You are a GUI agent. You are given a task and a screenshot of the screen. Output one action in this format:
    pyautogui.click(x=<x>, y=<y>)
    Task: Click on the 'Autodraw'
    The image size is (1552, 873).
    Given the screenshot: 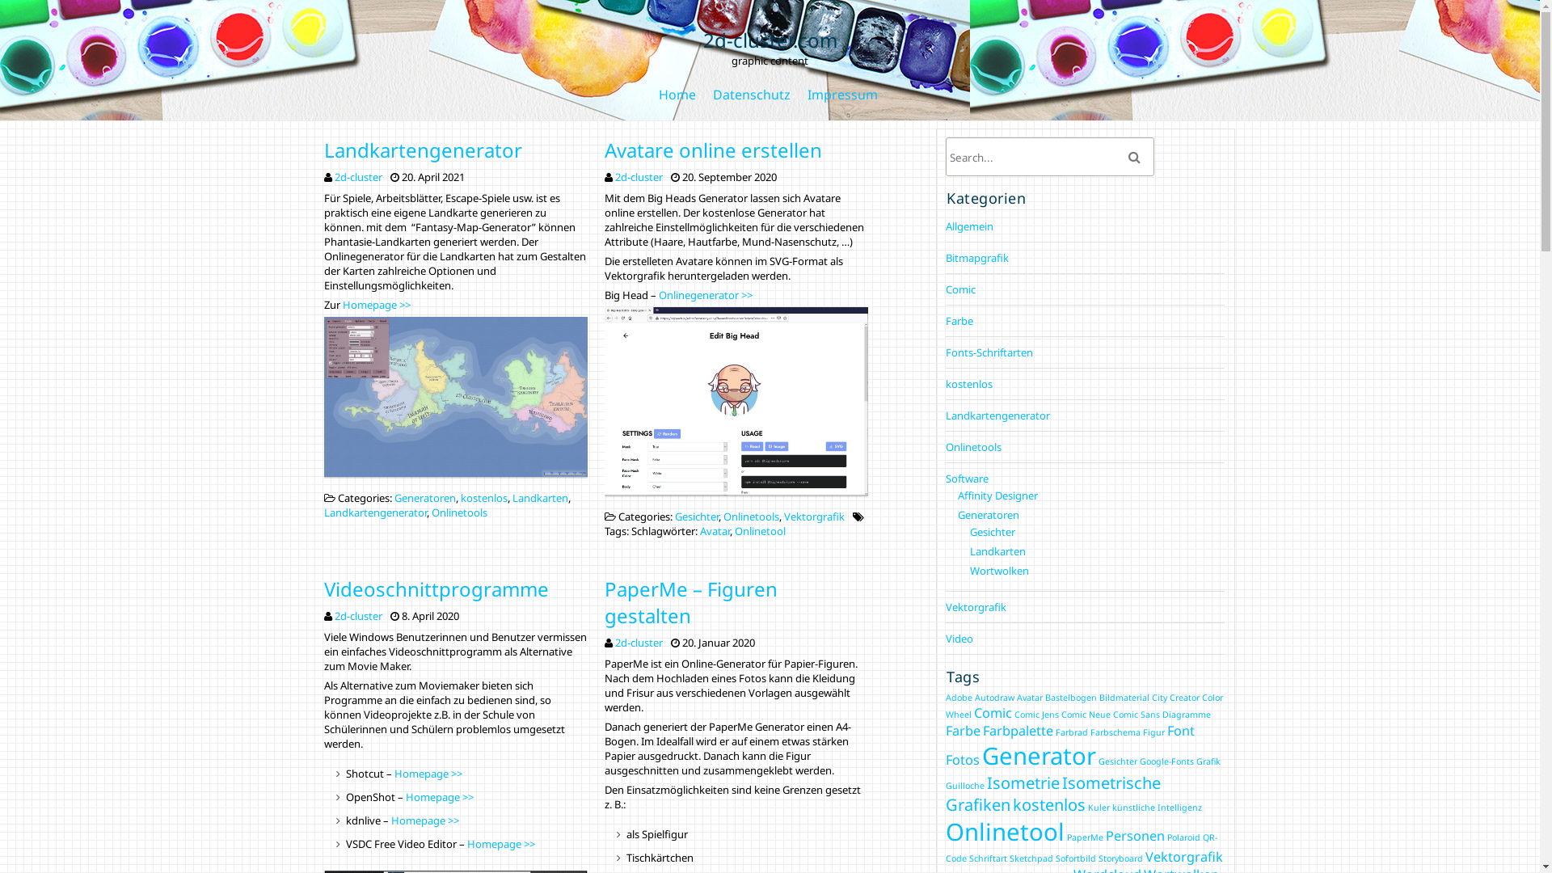 What is the action you would take?
    pyautogui.click(x=993, y=697)
    